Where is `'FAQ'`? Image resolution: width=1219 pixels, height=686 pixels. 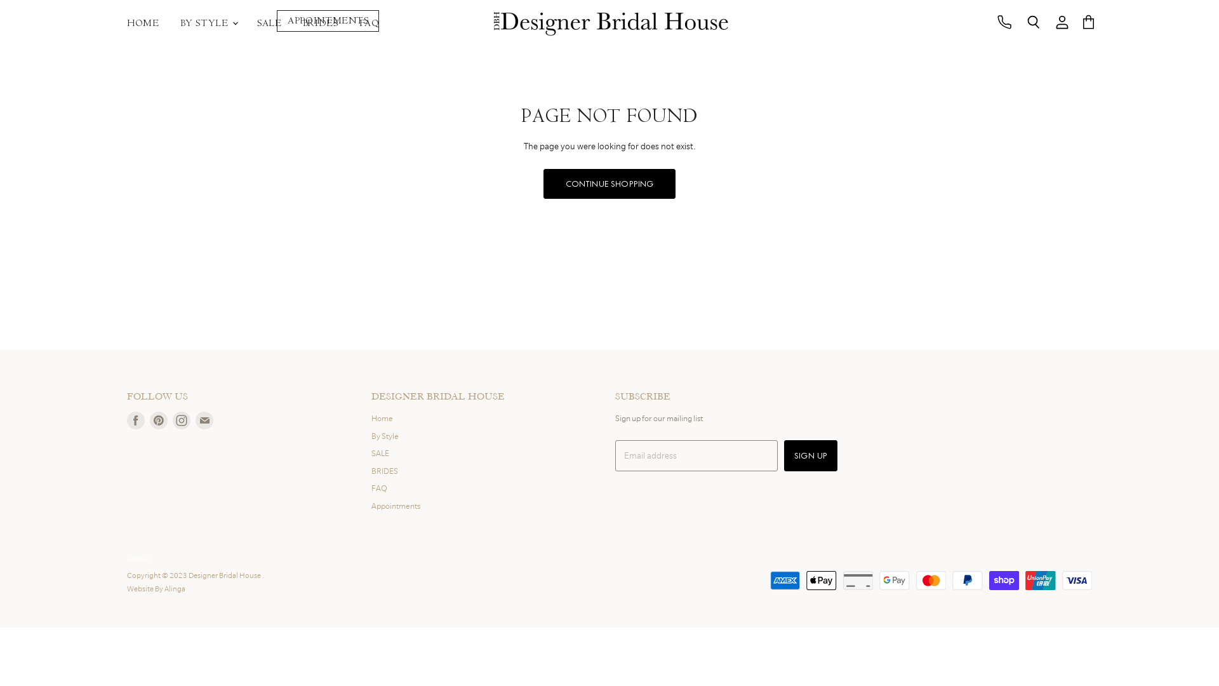
'FAQ' is located at coordinates (378, 487).